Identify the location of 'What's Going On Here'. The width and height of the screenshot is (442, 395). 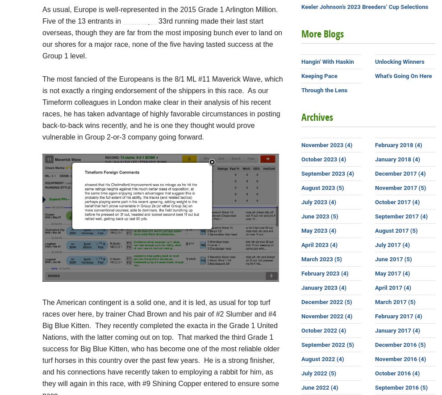
(403, 75).